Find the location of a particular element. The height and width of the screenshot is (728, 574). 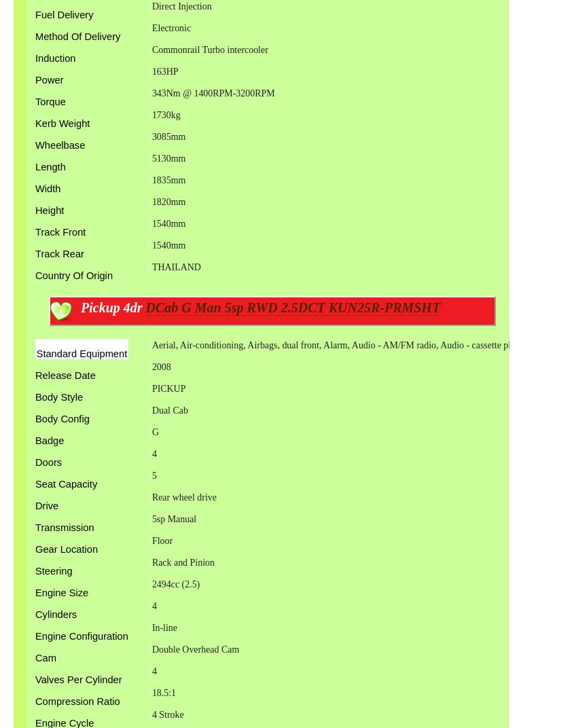

'Country 
					   Of Origin' is located at coordinates (34, 274).